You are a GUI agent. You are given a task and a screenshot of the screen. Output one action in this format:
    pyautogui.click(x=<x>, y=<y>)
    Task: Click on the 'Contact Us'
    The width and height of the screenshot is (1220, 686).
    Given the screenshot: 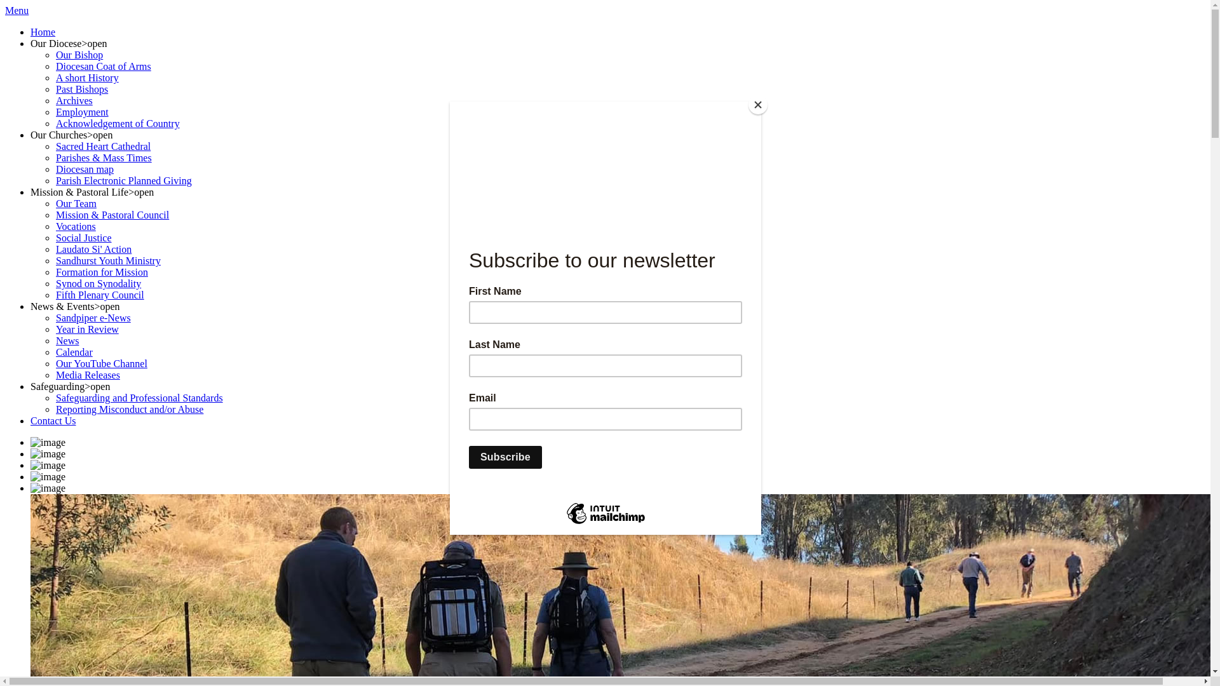 What is the action you would take?
    pyautogui.click(x=52, y=420)
    